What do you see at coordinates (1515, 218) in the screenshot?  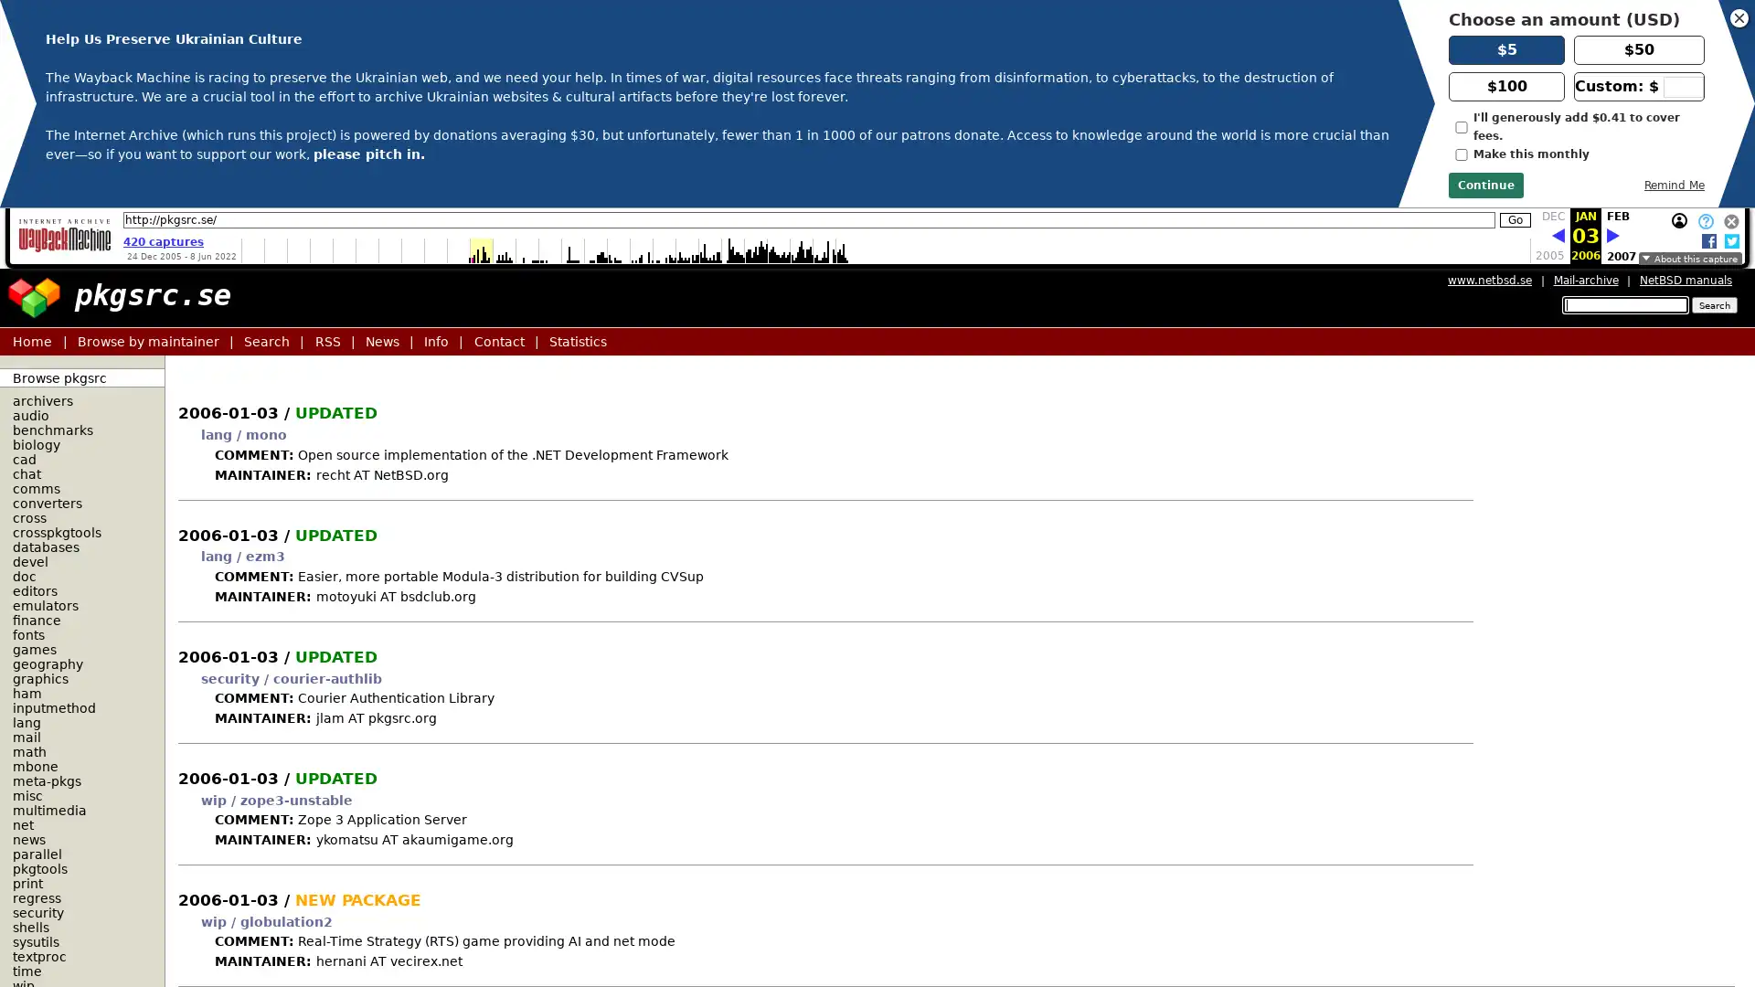 I see `Go` at bounding box center [1515, 218].